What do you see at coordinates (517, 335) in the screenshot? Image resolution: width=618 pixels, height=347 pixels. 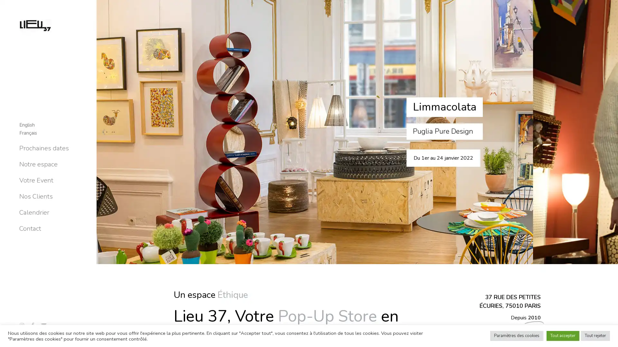 I see `Parametres des cookies` at bounding box center [517, 335].